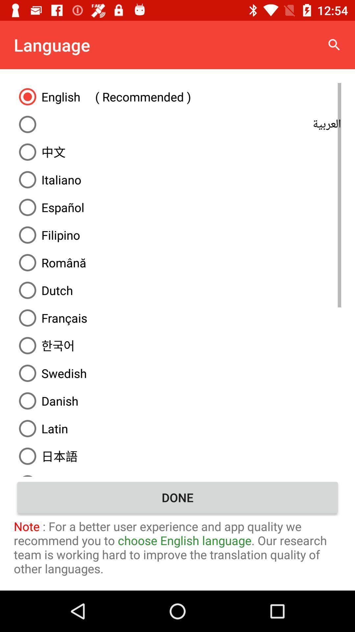  Describe the element at coordinates (177, 96) in the screenshot. I see `the english     ( recommended ) item` at that location.